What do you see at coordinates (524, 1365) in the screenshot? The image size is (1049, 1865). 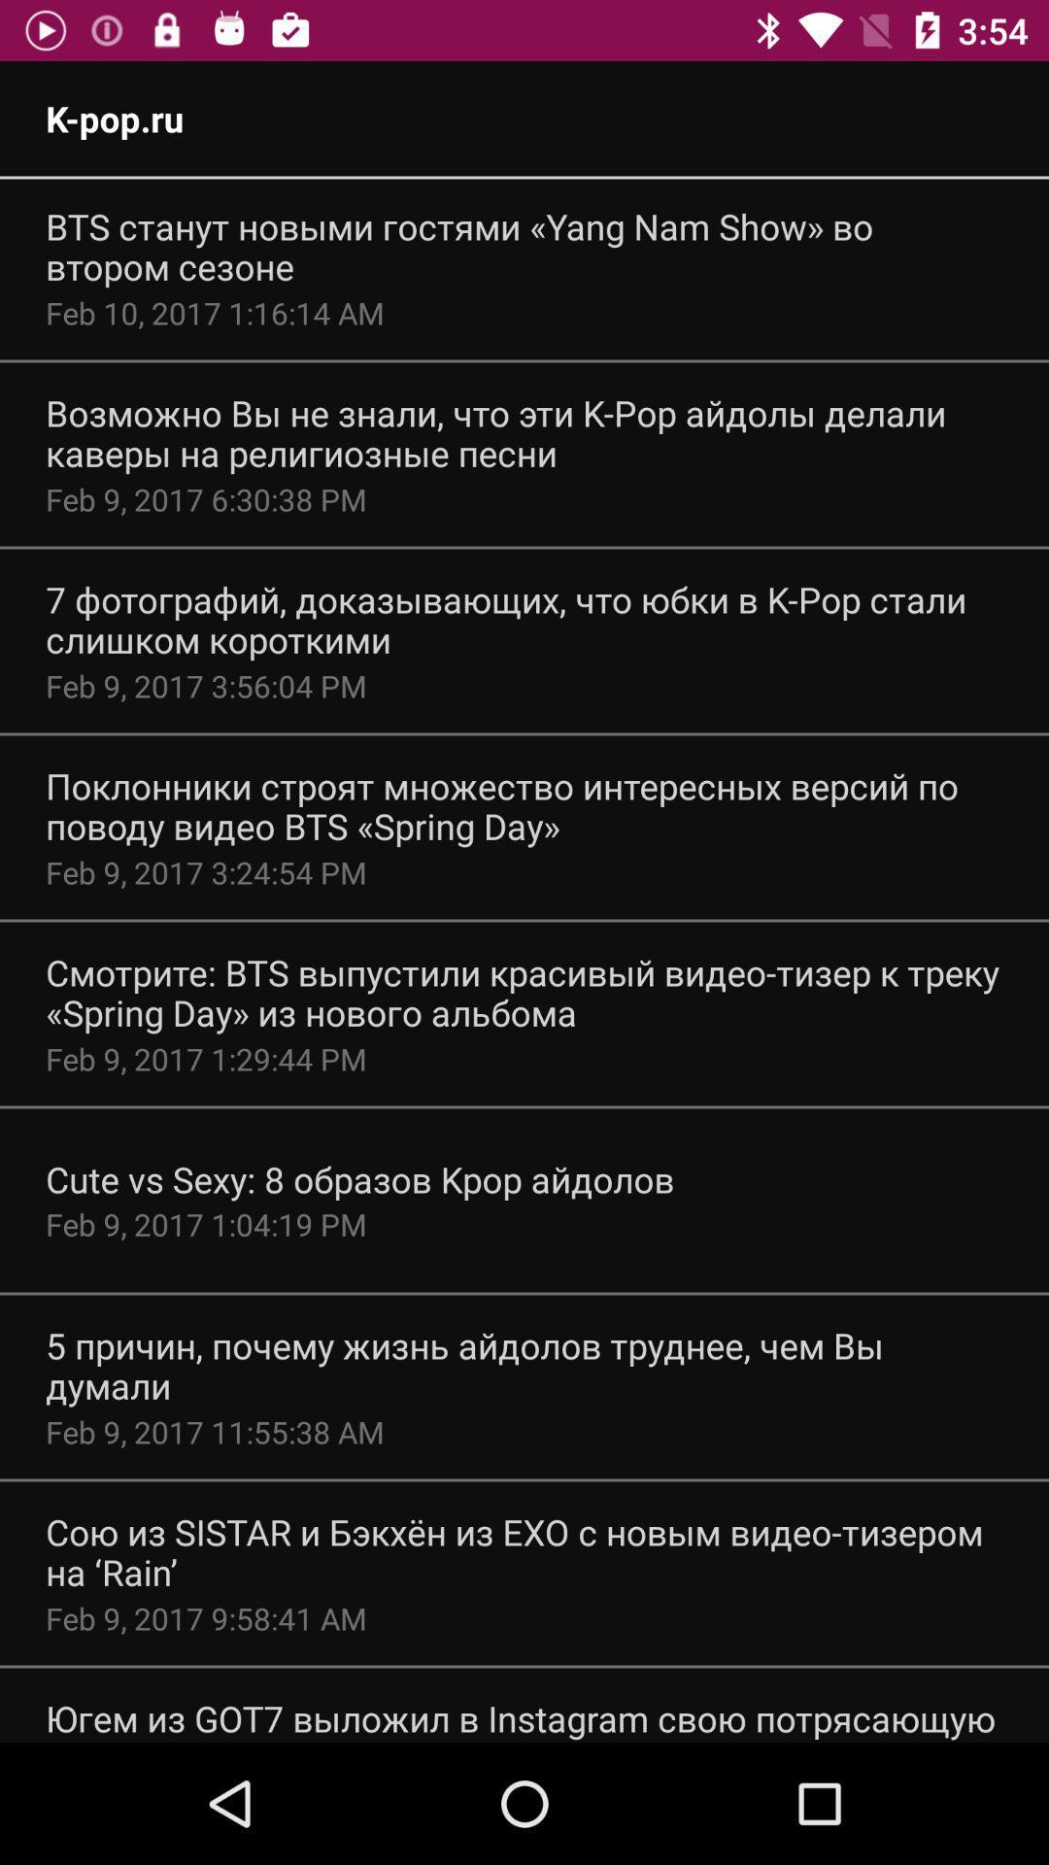 I see `the app above the feb 9 2017 item` at bounding box center [524, 1365].